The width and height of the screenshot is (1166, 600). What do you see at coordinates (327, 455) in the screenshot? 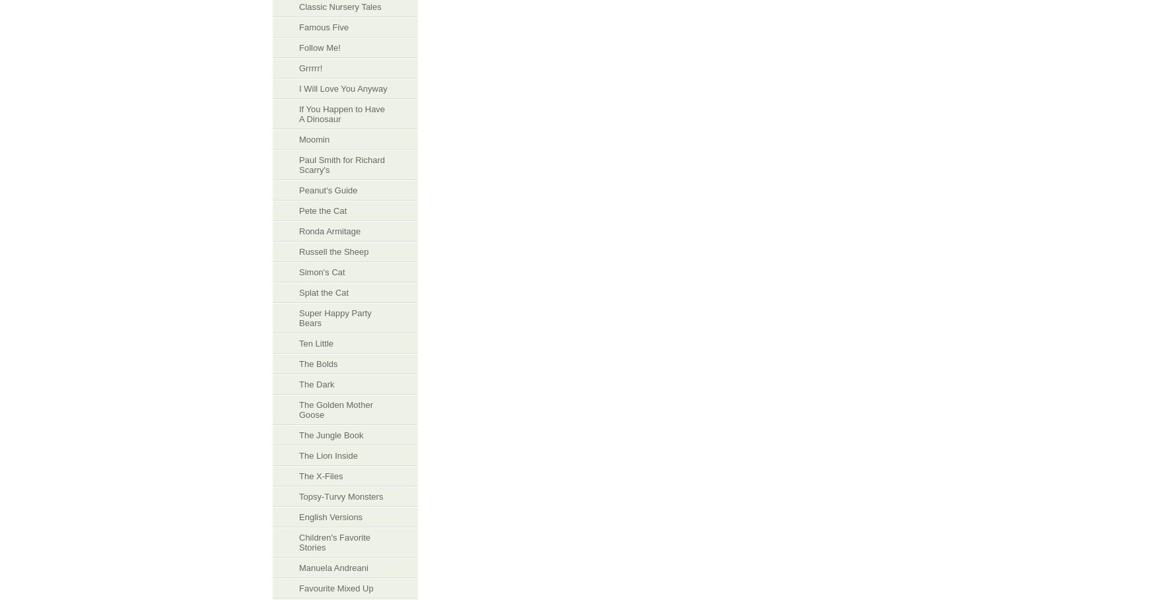
I see `'The Lion Inside'` at bounding box center [327, 455].